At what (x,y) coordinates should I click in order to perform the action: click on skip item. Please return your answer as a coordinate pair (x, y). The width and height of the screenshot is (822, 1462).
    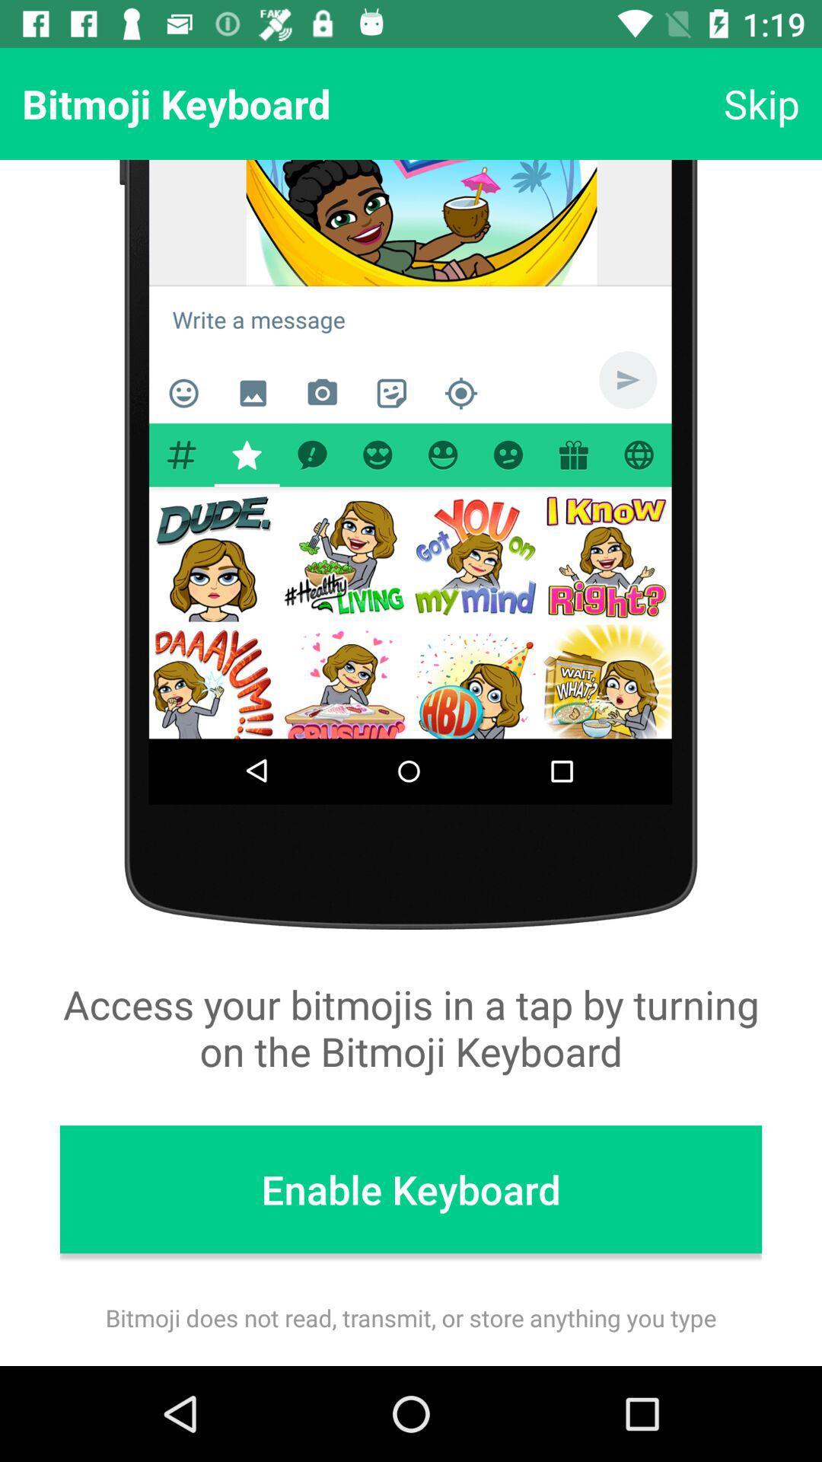
    Looking at the image, I should click on (761, 103).